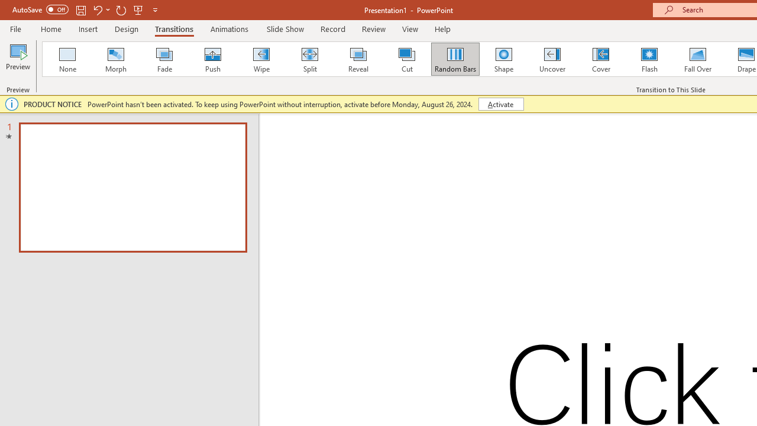 This screenshot has height=426, width=757. I want to click on 'Reveal', so click(357, 59).